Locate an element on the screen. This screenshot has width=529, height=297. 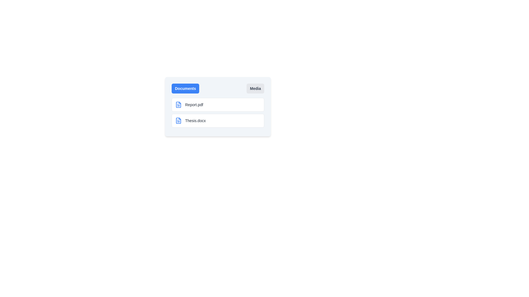
the text label indicating the name of the document, located in the second row of the list next to the document icon is located at coordinates (195, 120).